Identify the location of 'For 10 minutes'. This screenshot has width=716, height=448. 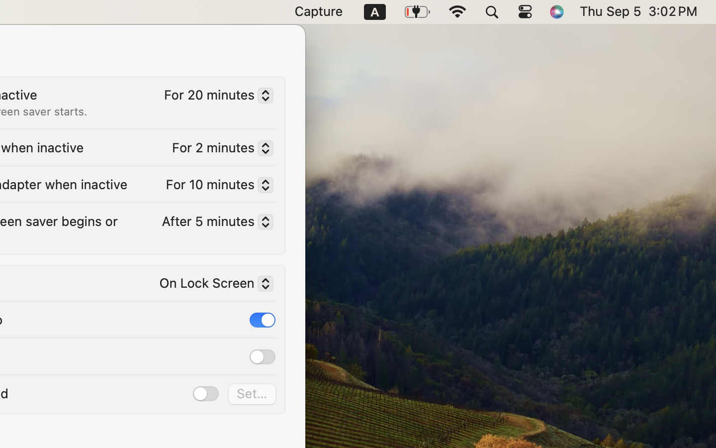
(215, 187).